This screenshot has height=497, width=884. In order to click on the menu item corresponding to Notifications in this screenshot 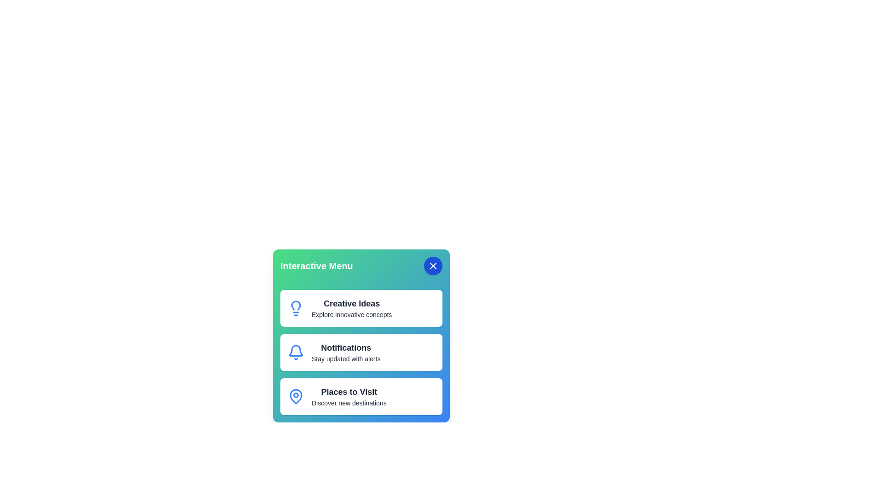, I will do `click(361, 352)`.